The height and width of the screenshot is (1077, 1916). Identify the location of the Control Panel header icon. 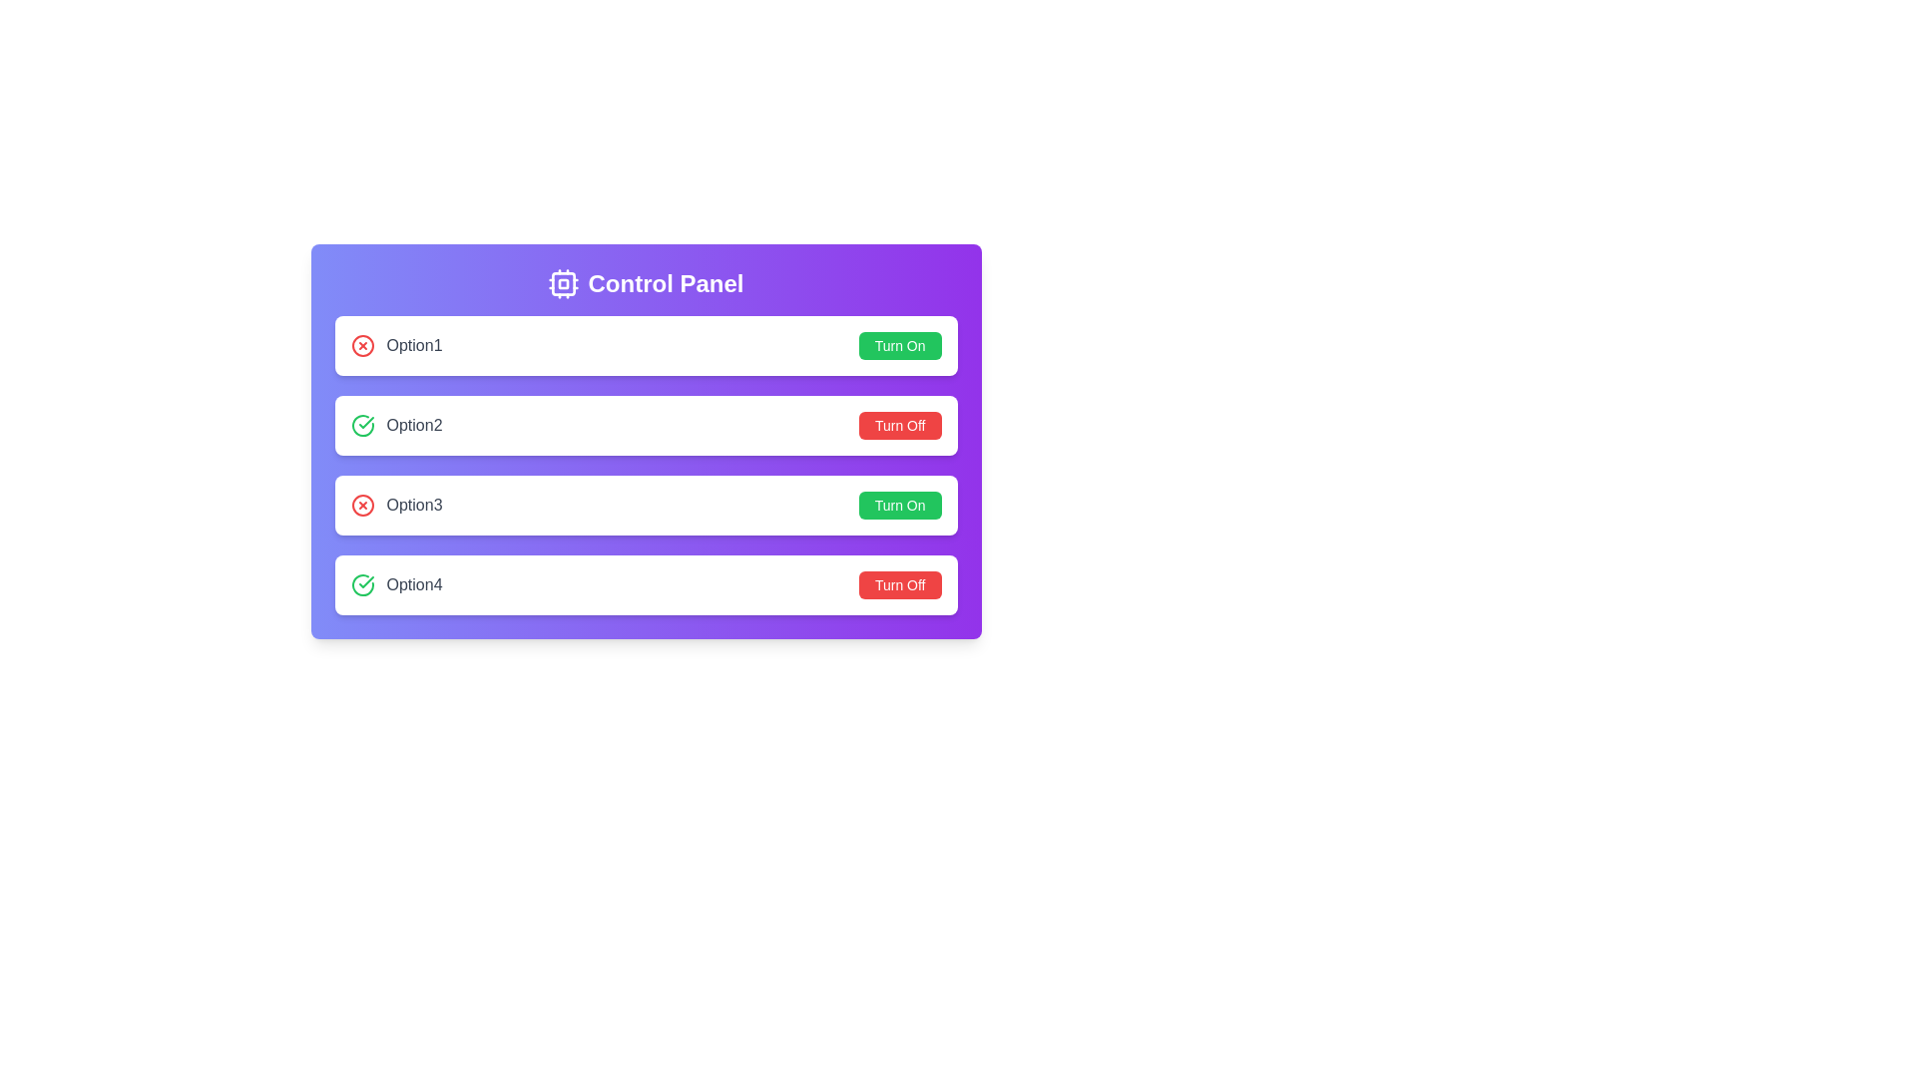
(563, 284).